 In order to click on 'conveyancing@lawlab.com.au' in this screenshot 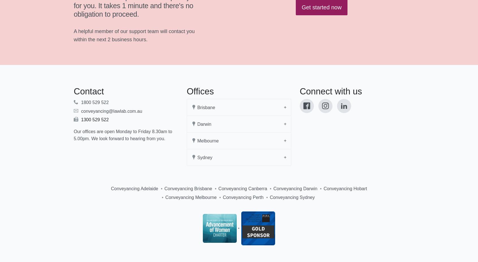, I will do `click(112, 111)`.